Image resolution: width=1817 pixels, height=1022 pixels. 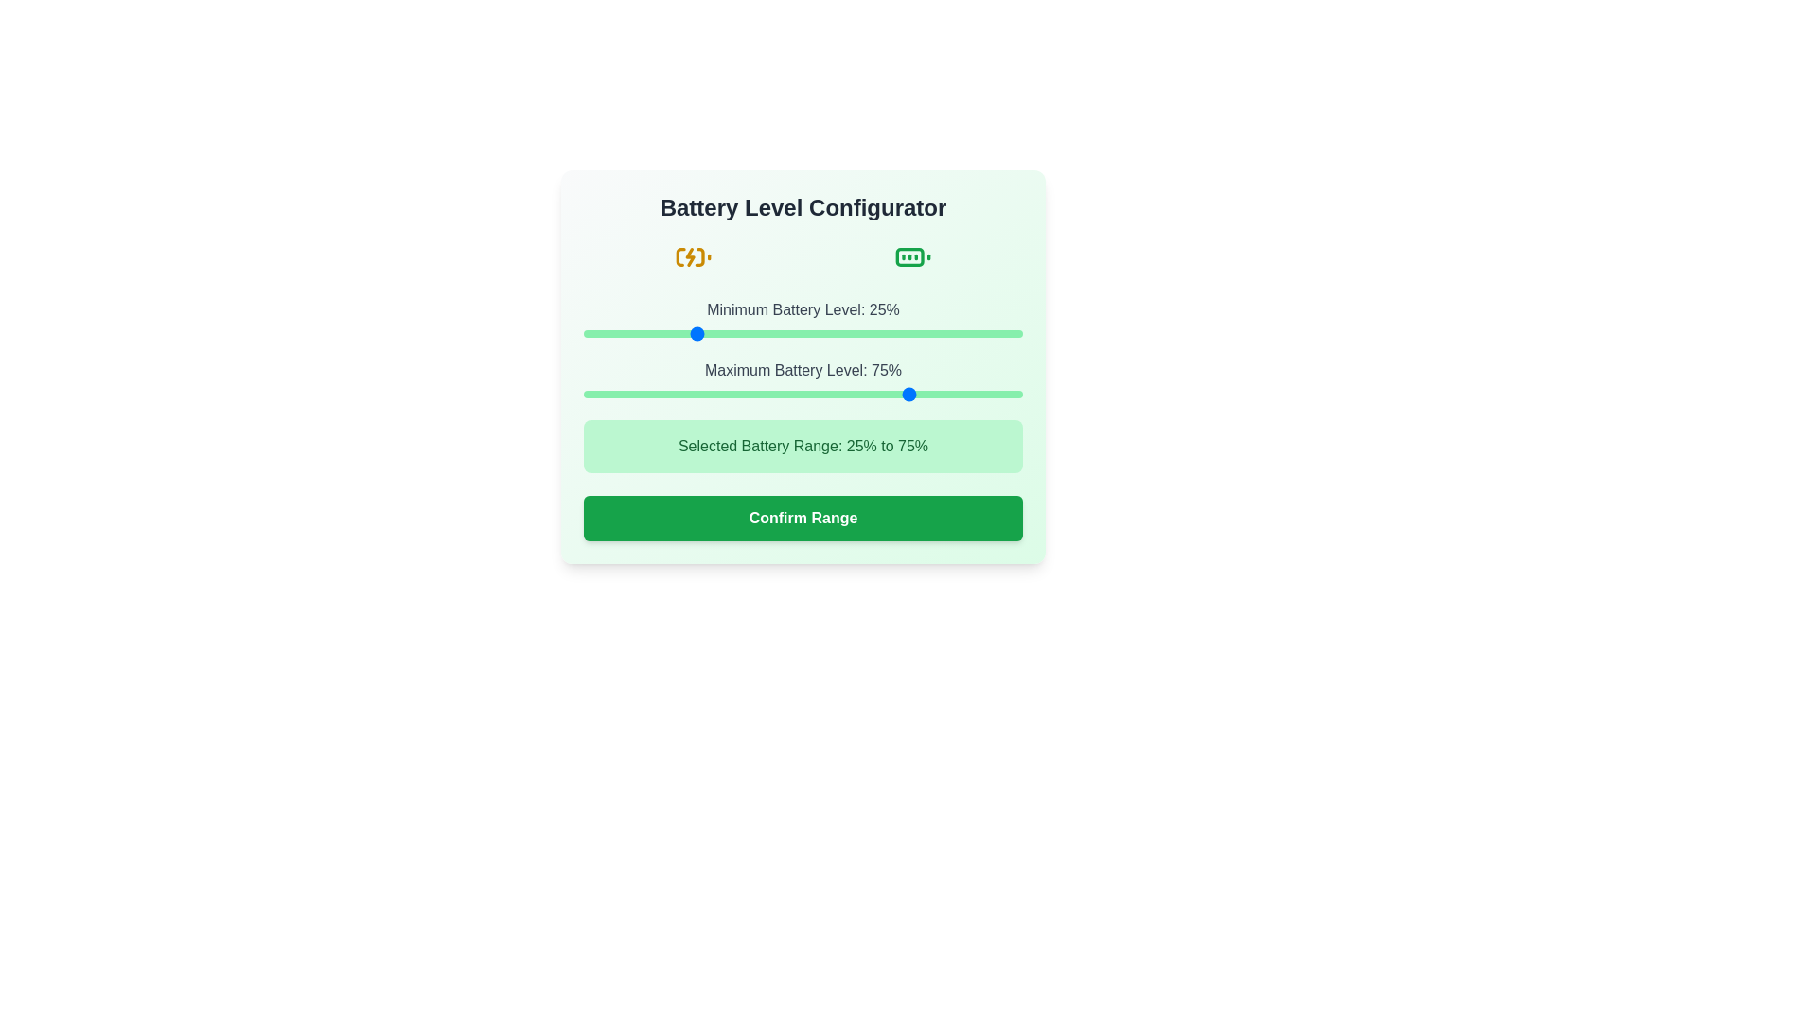 I want to click on the minimum battery level, so click(x=999, y=333).